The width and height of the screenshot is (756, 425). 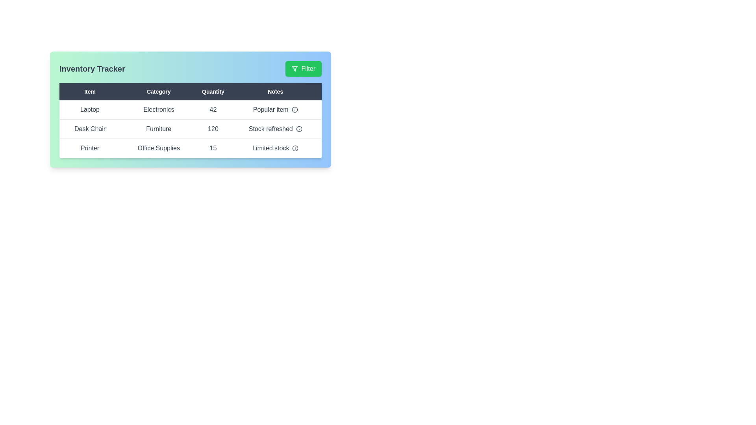 I want to click on filter button to apply filters to the table, so click(x=303, y=68).